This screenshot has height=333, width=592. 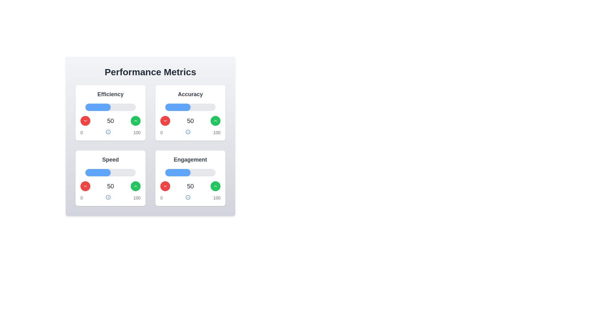 I want to click on the circular Indicator icon with a blue outline located under the '50' text in the 'Accuracy' section of the Performance Metrics panel, so click(x=187, y=132).